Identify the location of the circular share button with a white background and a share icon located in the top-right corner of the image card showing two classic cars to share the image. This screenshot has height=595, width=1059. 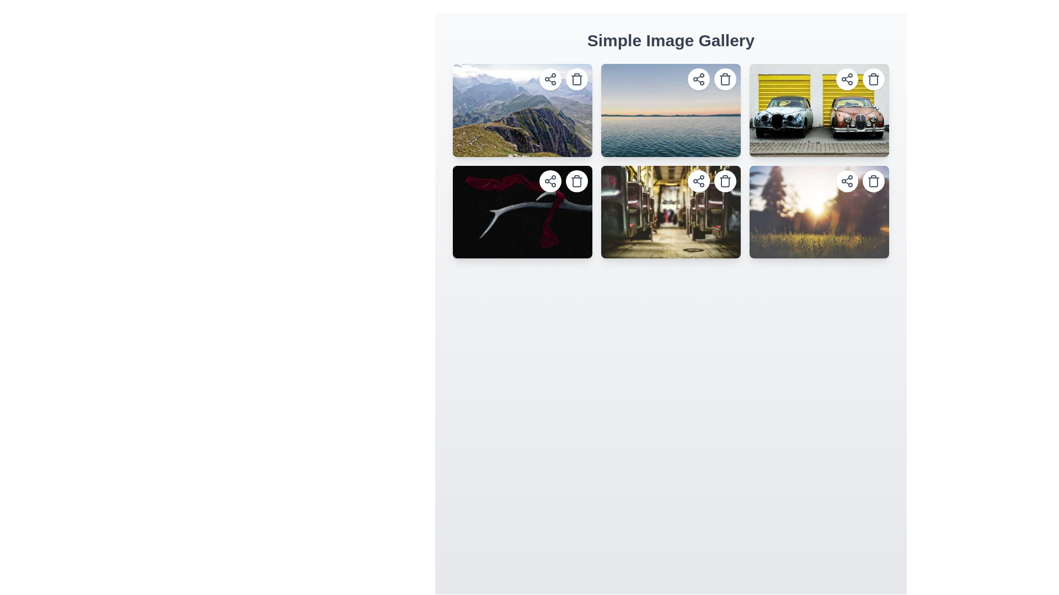
(847, 78).